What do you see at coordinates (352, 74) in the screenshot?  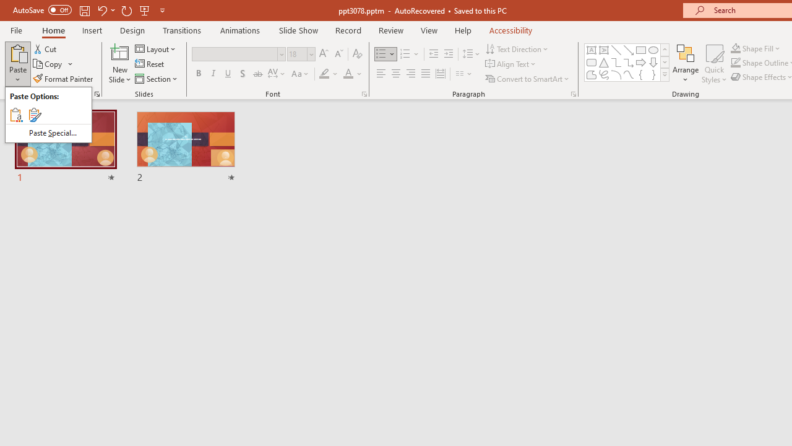 I see `'Font Color'` at bounding box center [352, 74].